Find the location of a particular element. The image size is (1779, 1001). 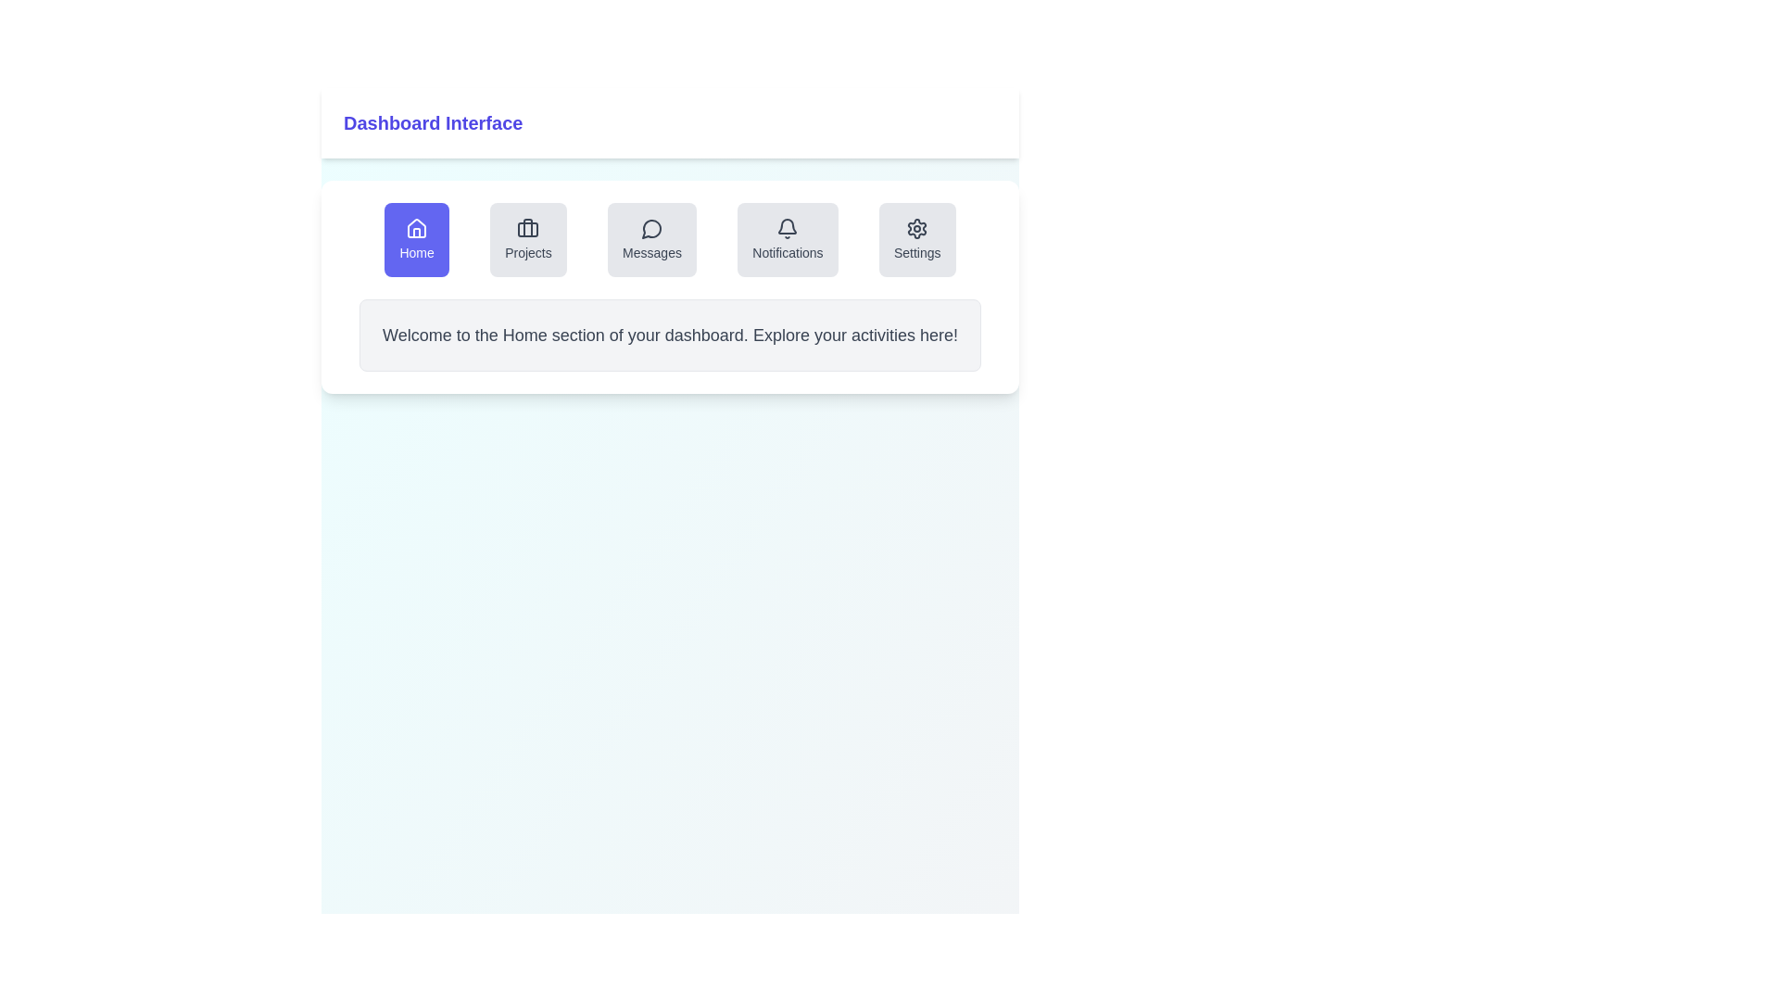

the welcoming text block in light gray that is centered under the navigation row of the dashboard is located at coordinates (669, 336).